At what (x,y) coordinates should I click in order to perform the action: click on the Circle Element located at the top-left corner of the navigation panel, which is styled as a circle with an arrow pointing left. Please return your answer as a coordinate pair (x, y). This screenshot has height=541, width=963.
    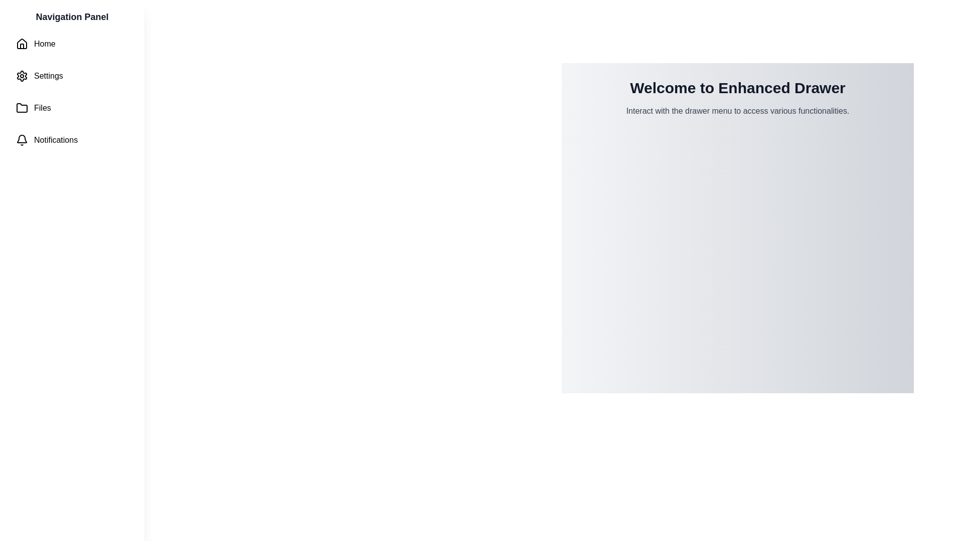
    Looking at the image, I should click on (19, 19).